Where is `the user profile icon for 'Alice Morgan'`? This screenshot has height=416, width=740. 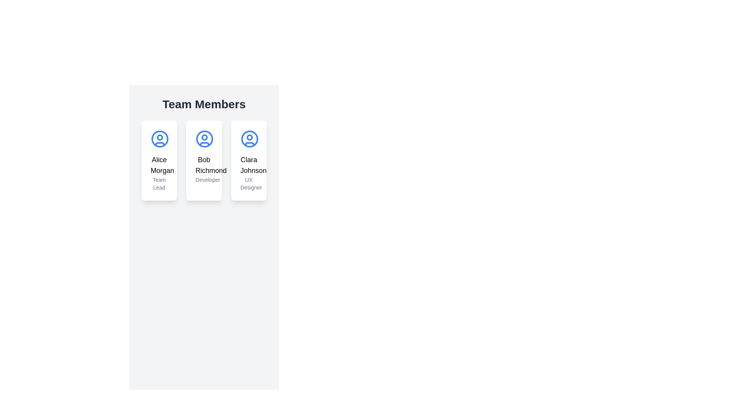 the user profile icon for 'Alice Morgan' is located at coordinates (159, 139).